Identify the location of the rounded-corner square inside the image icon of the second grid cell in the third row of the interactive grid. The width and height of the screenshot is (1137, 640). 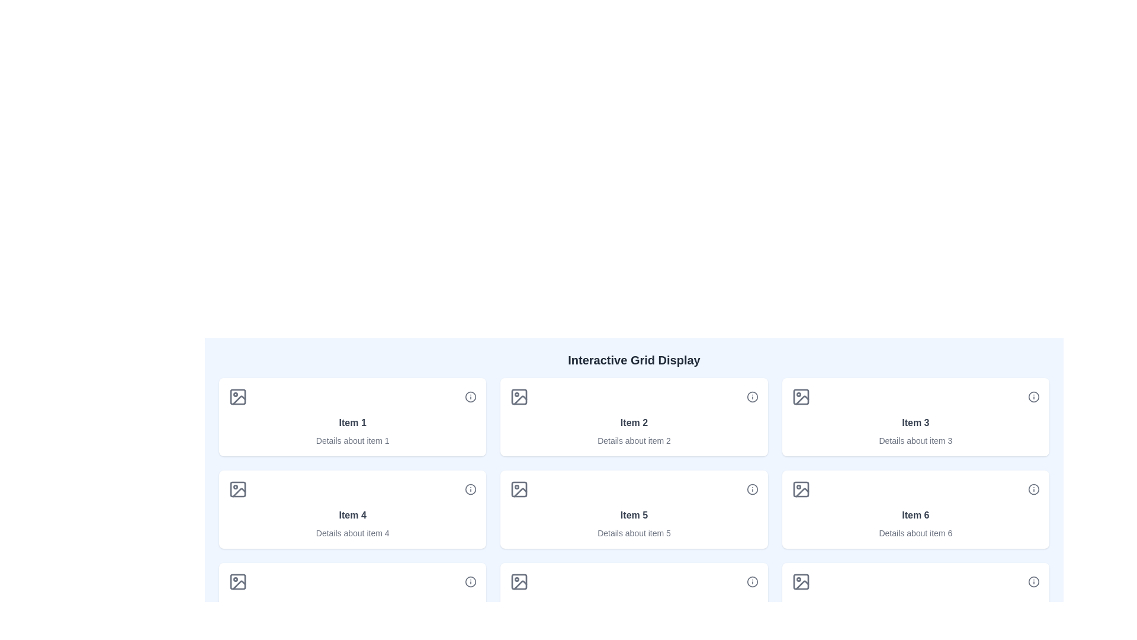
(519, 581).